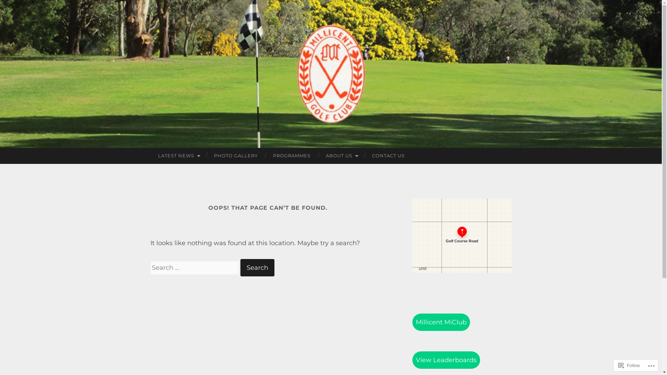 This screenshot has width=667, height=375. What do you see at coordinates (236, 155) in the screenshot?
I see `'PHOTO GALLERY'` at bounding box center [236, 155].